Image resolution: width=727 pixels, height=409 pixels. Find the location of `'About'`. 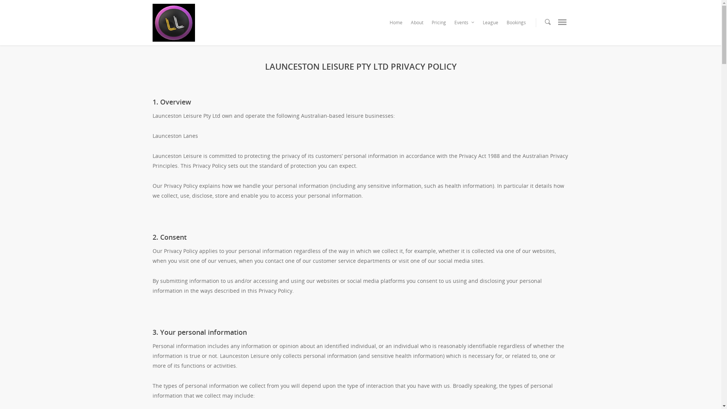

'About' is located at coordinates (416, 24).